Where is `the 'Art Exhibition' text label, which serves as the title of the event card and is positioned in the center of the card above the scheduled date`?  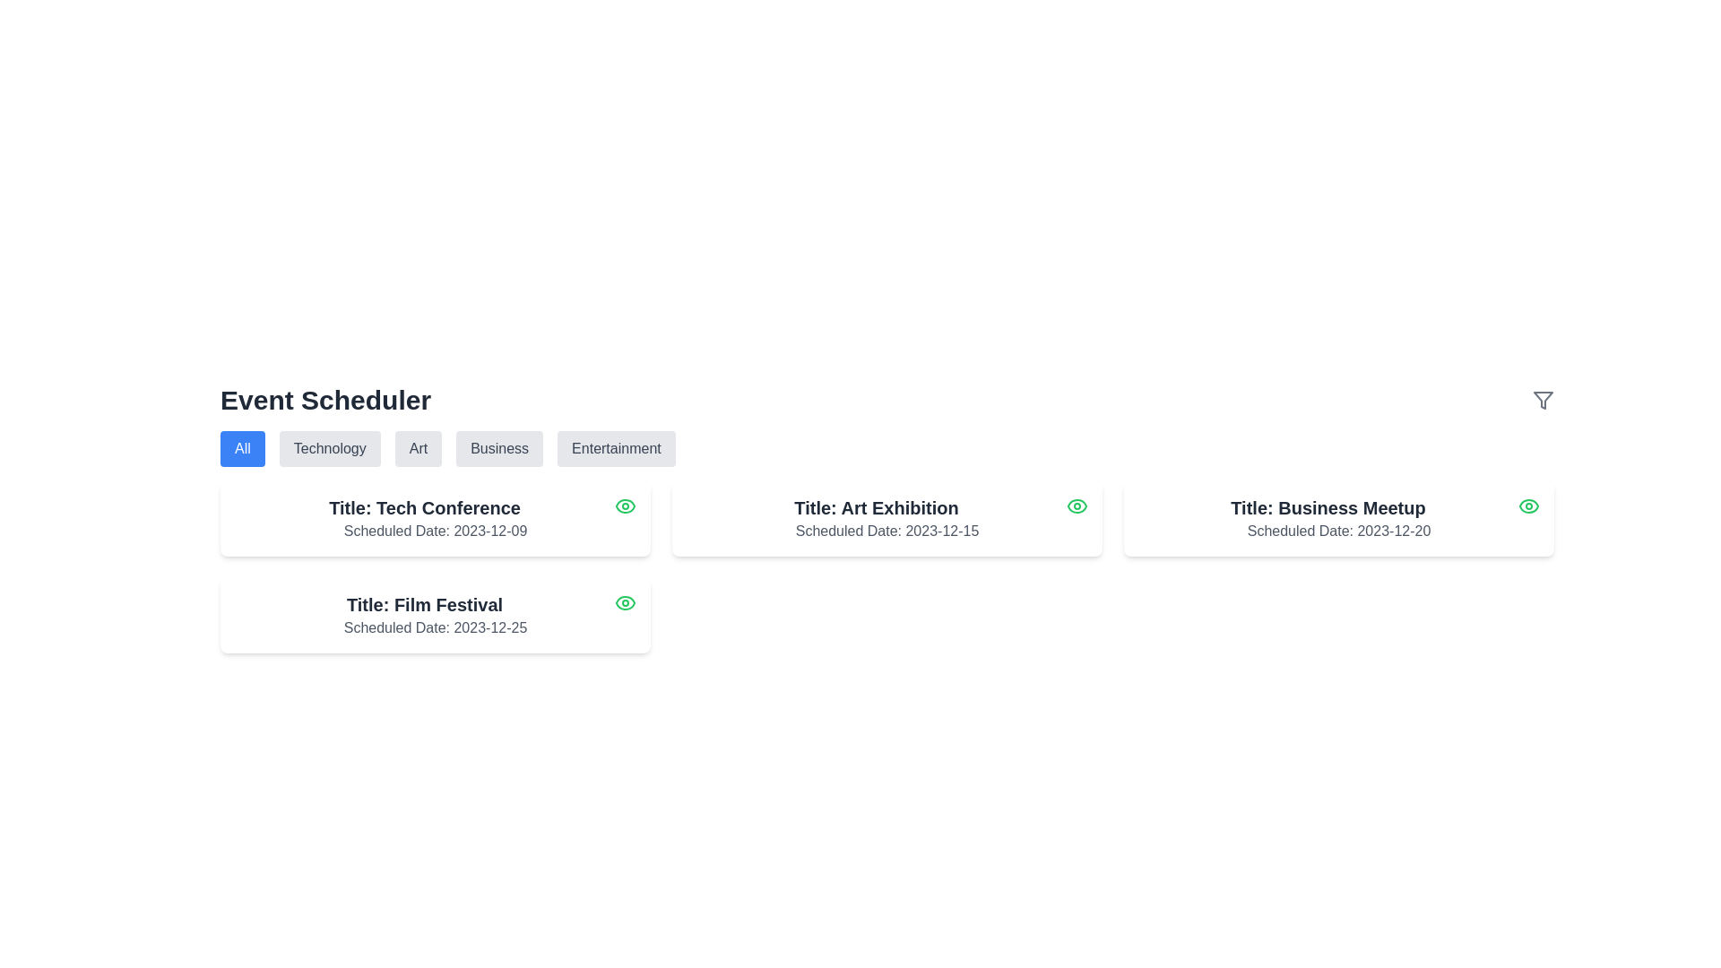 the 'Art Exhibition' text label, which serves as the title of the event card and is positioned in the center of the card above the scheduled date is located at coordinates (886, 508).